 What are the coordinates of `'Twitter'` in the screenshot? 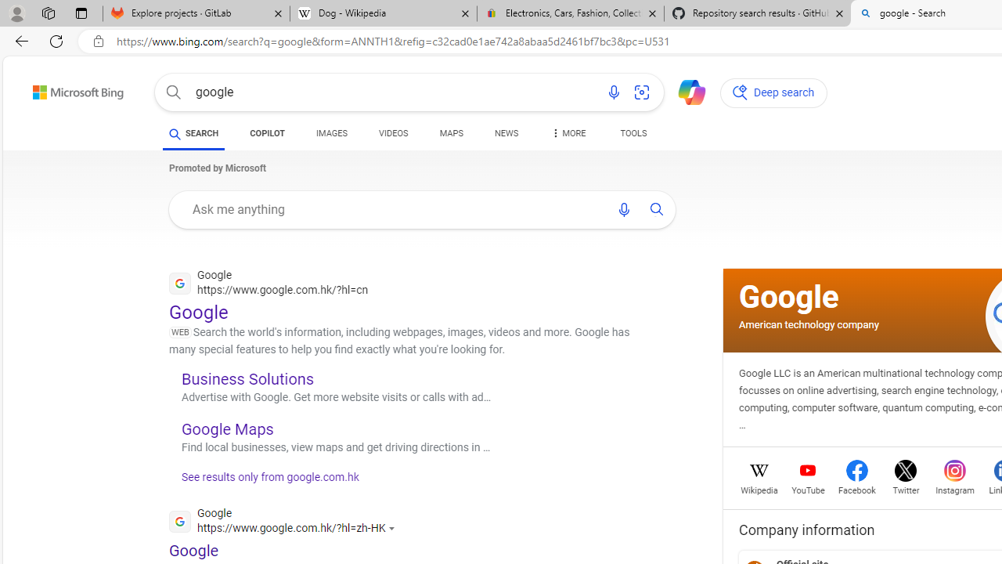 It's located at (906, 488).